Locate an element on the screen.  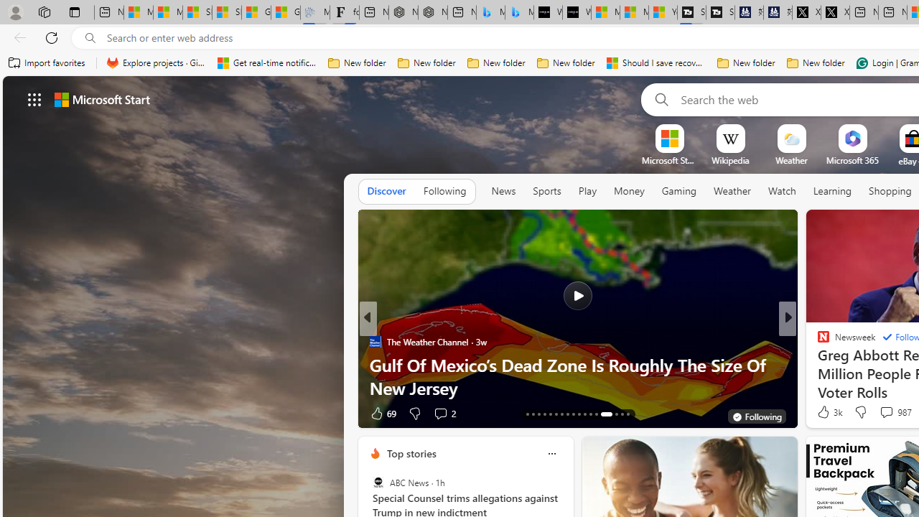
'AutomationID: tab-29' is located at coordinates (628, 414).